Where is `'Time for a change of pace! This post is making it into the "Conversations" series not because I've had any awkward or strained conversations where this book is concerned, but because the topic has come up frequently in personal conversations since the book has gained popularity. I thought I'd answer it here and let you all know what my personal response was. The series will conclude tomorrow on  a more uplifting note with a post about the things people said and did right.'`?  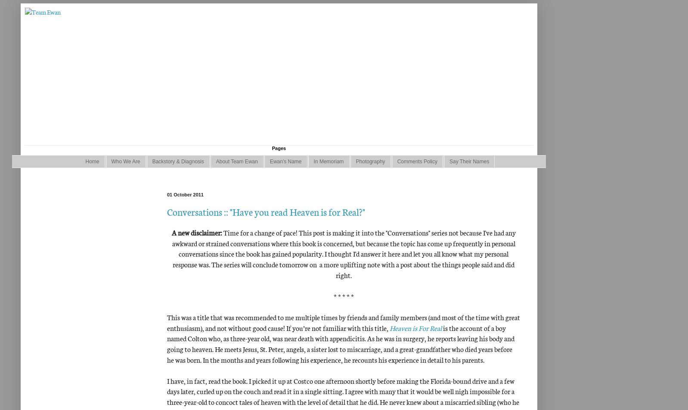 'Time for a change of pace! This post is making it into the "Conversations" series not because I've had any awkward or strained conversations where this book is concerned, but because the topic has come up frequently in personal conversations since the book has gained popularity. I thought I'd answer it here and let you all know what my personal response was. The series will conclude tomorrow on  a more uplifting note with a post about the things people said and did right.' is located at coordinates (344, 253).